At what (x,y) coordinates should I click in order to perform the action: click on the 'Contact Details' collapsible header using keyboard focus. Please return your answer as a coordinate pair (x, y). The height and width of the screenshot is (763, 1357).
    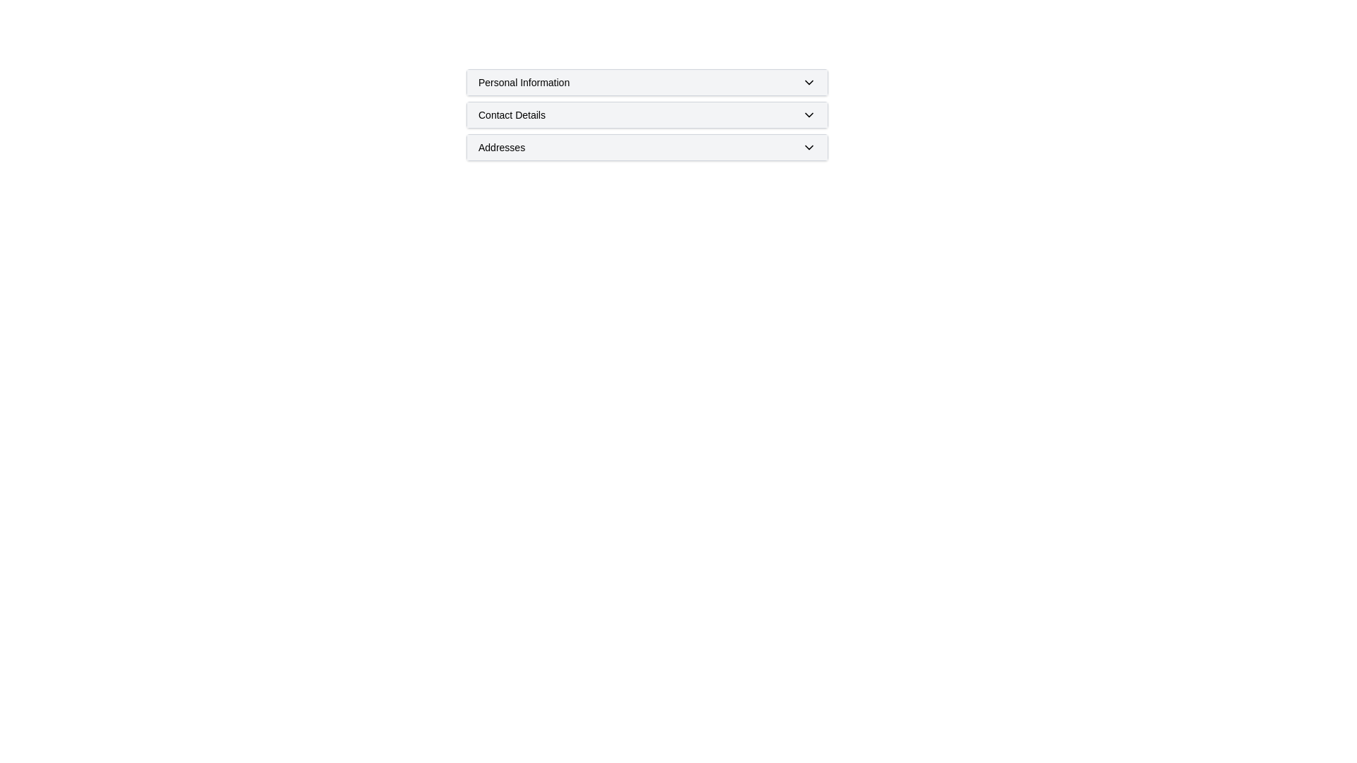
    Looking at the image, I should click on (647, 114).